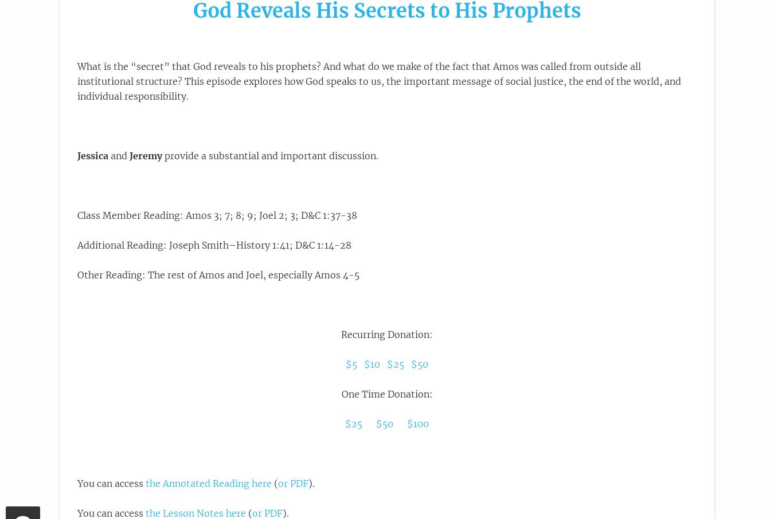 The width and height of the screenshot is (774, 519). Describe the element at coordinates (372, 364) in the screenshot. I see `'$10'` at that location.